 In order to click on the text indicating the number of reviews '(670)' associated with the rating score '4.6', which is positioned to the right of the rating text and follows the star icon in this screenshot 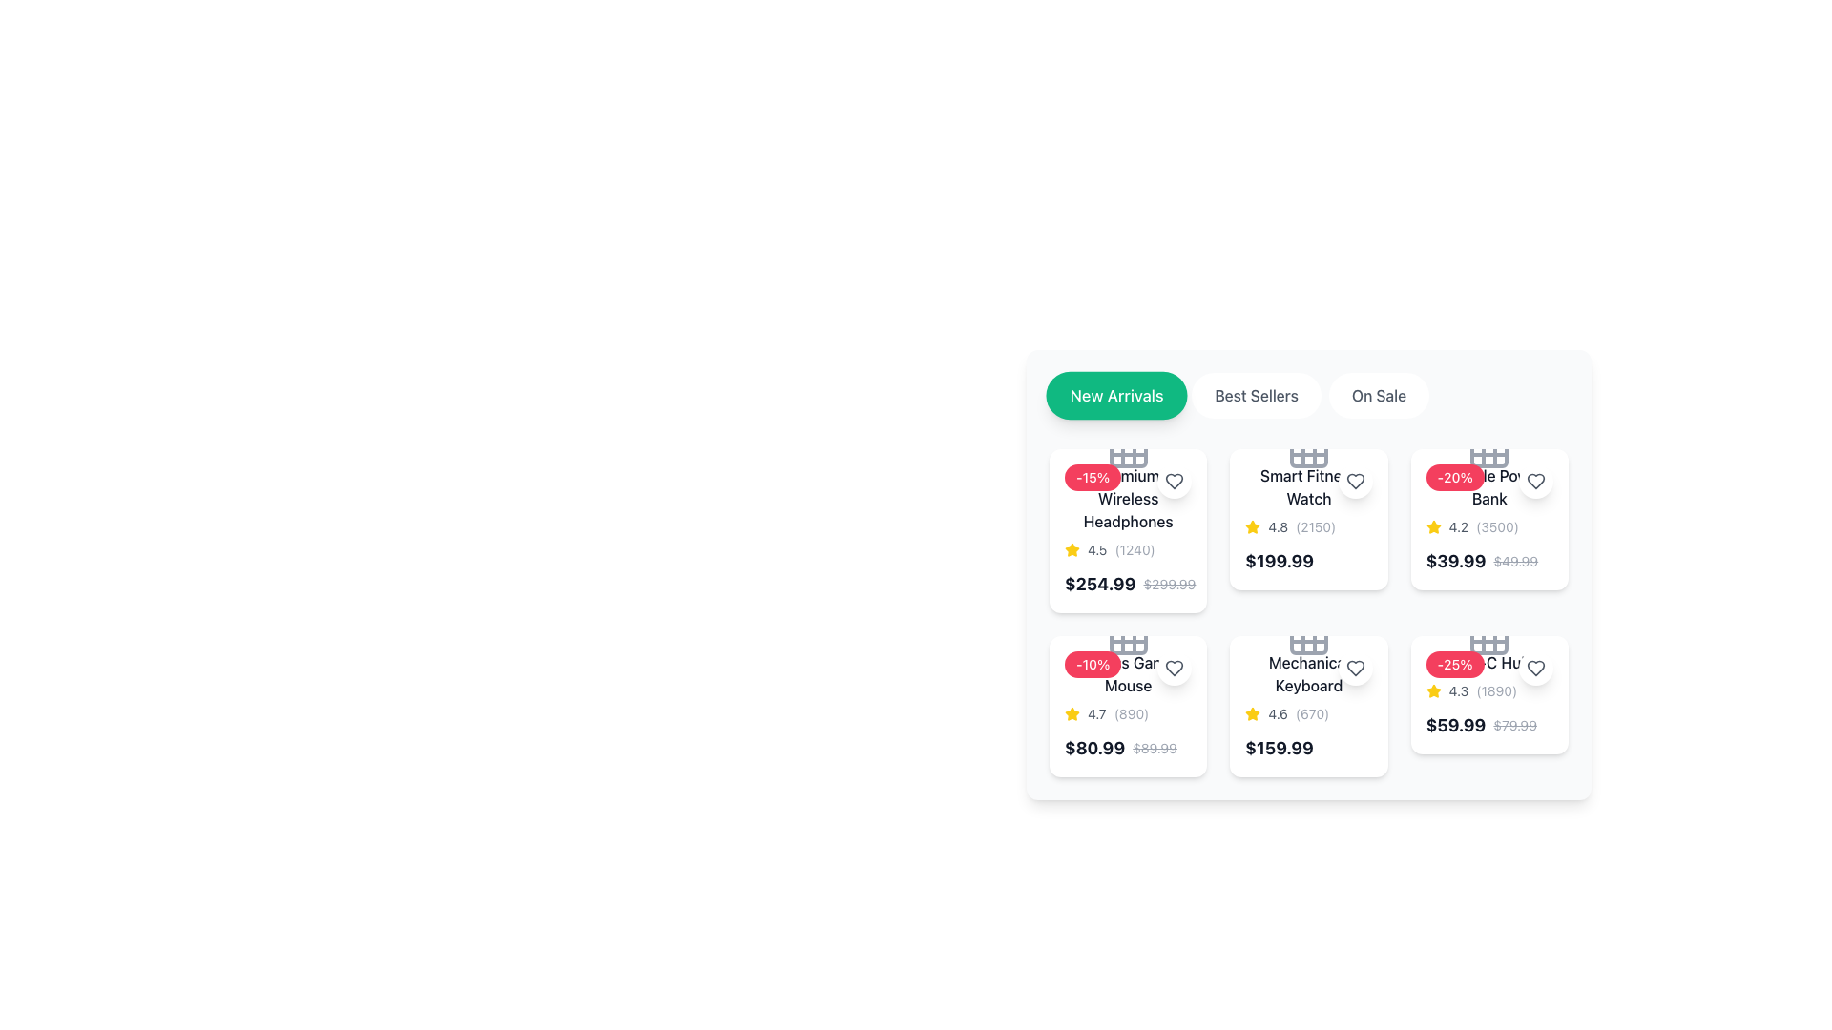, I will do `click(1311, 713)`.